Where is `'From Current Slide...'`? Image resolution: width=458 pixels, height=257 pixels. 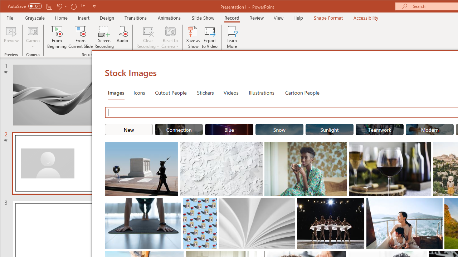 'From Current Slide...' is located at coordinates (81, 37).